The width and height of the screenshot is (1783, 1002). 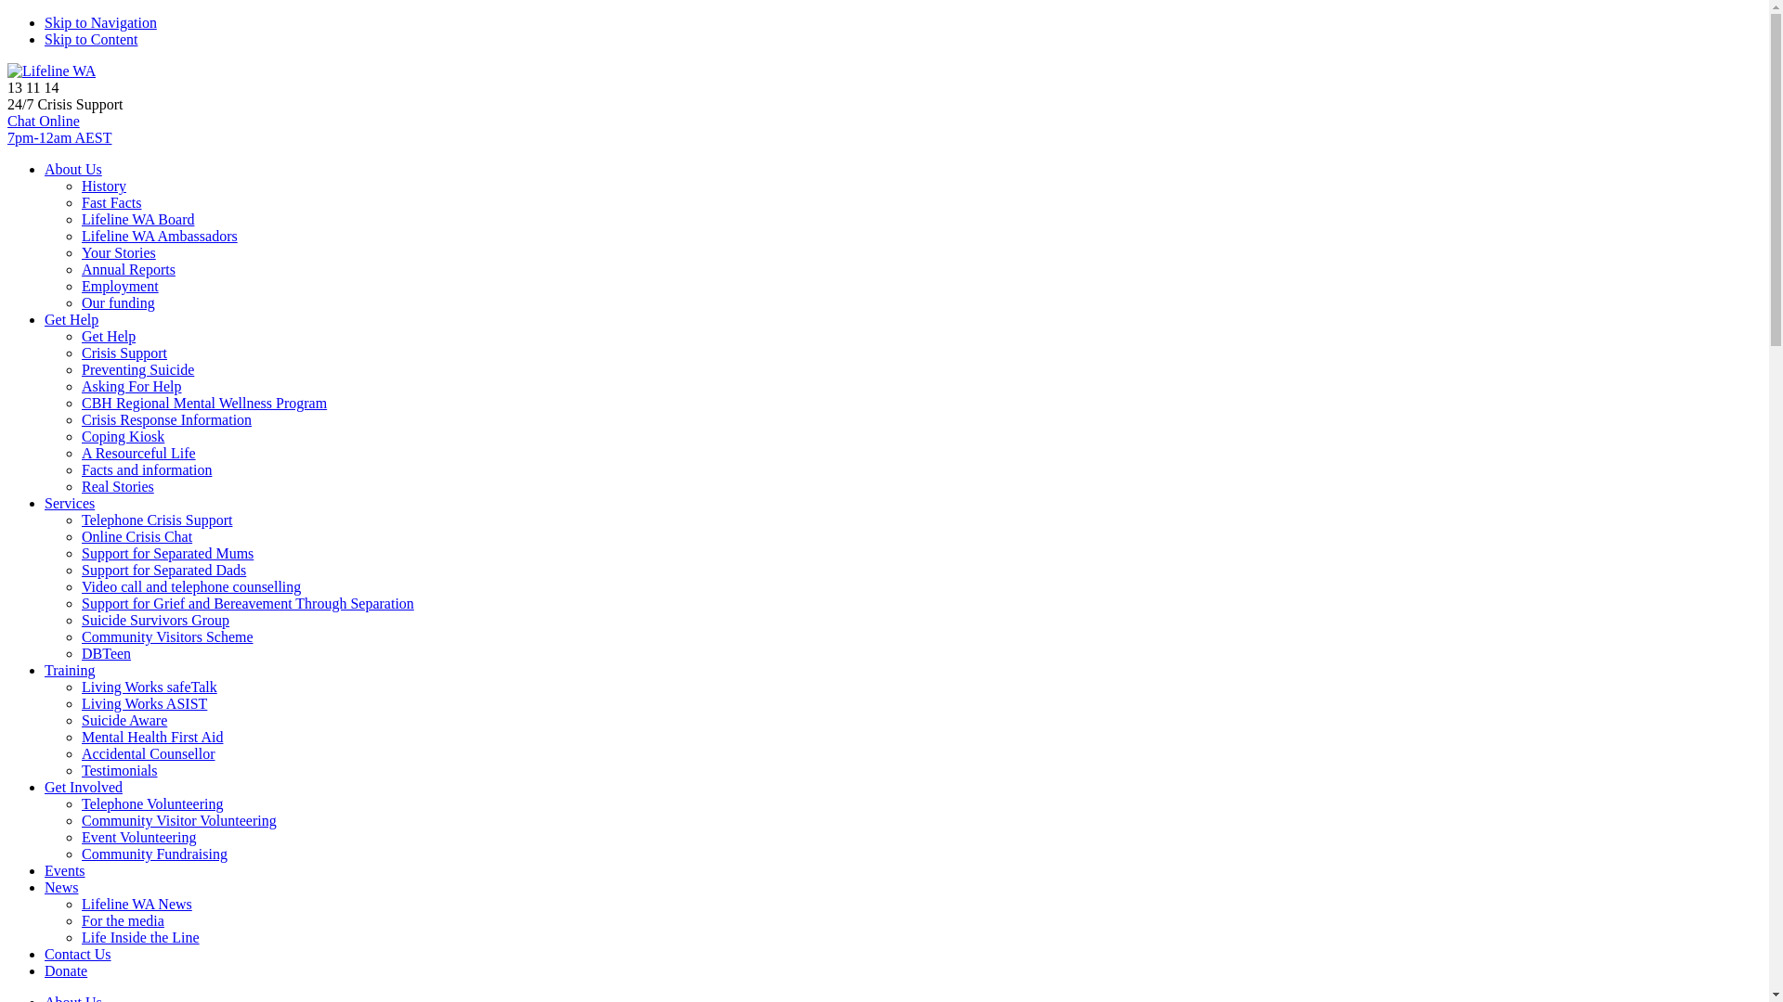 I want to click on 'Get Help', so click(x=71, y=318).